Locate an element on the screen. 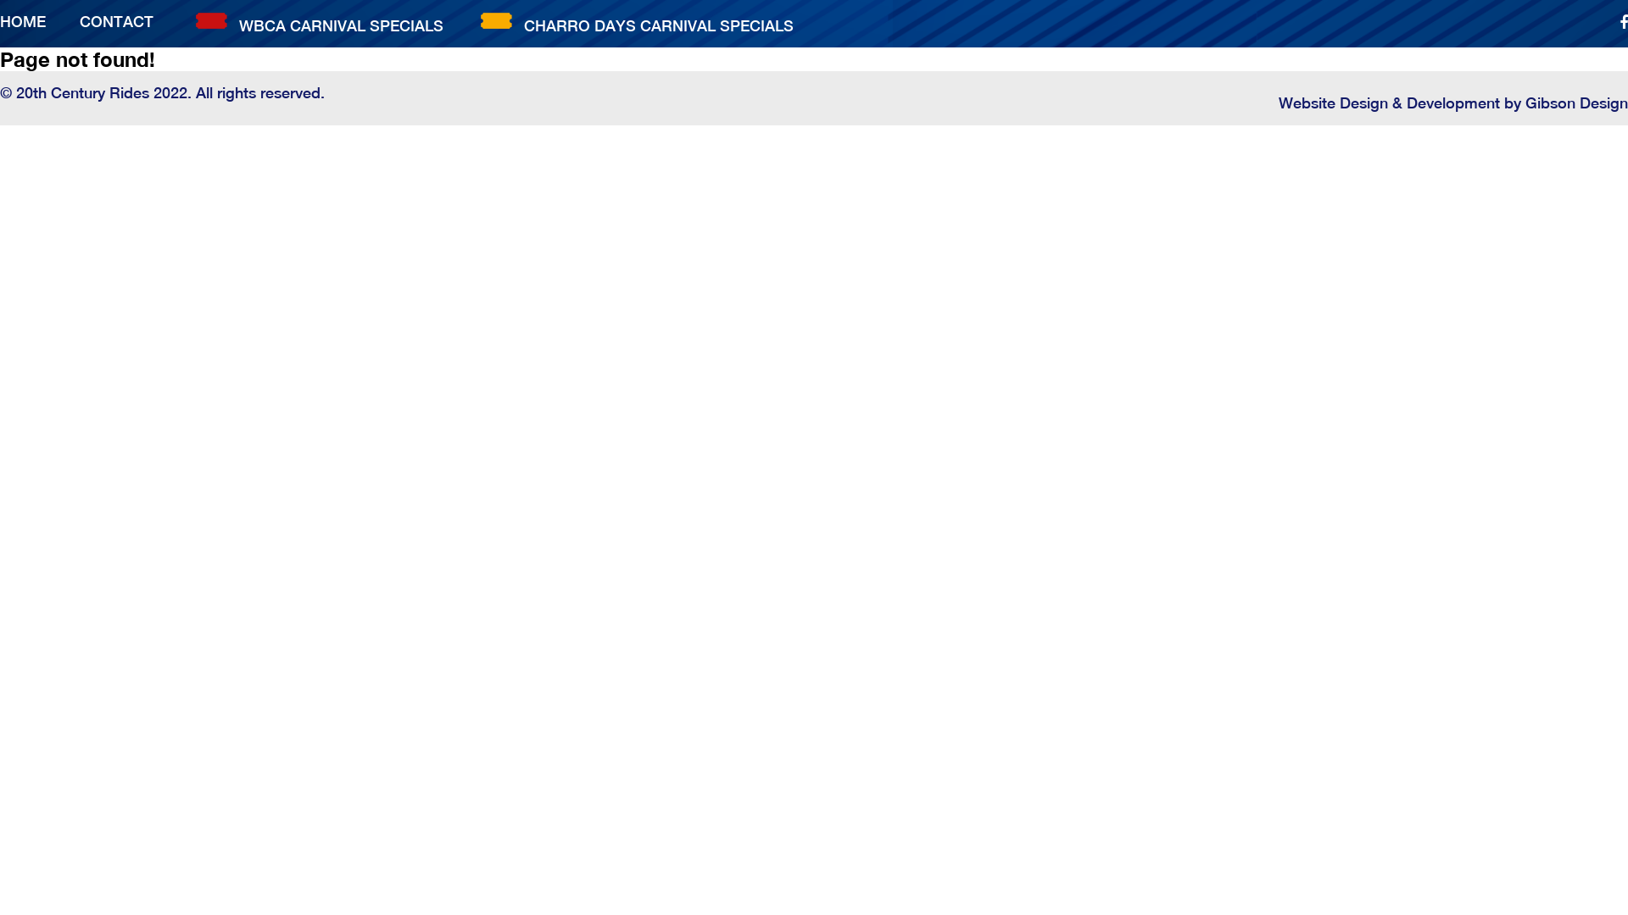 This screenshot has width=1628, height=915. 'CHARRO DAYS CARNIVAL SPECIALS' is located at coordinates (658, 25).